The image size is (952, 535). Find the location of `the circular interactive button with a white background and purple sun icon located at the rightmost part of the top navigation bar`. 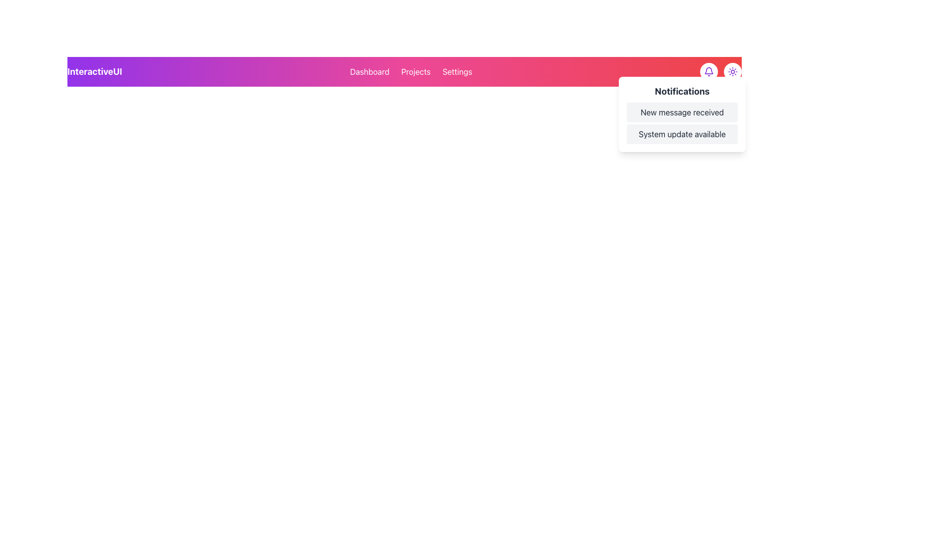

the circular interactive button with a white background and purple sun icon located at the rightmost part of the top navigation bar is located at coordinates (733, 71).